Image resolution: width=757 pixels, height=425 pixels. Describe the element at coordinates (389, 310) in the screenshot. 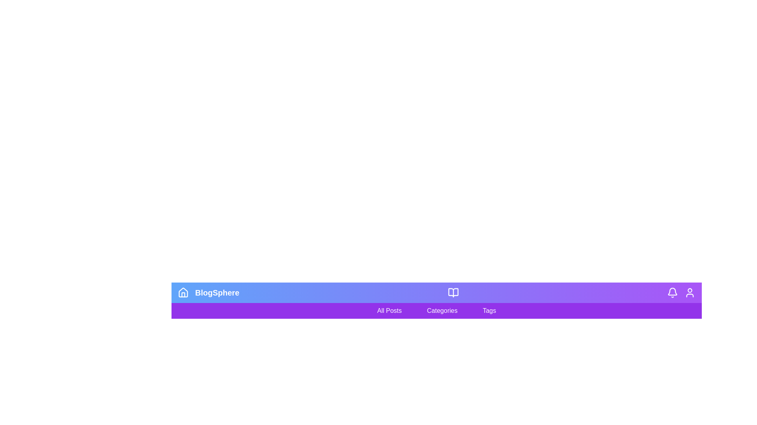

I see `the 'All Posts' filter option to filter the content` at that location.